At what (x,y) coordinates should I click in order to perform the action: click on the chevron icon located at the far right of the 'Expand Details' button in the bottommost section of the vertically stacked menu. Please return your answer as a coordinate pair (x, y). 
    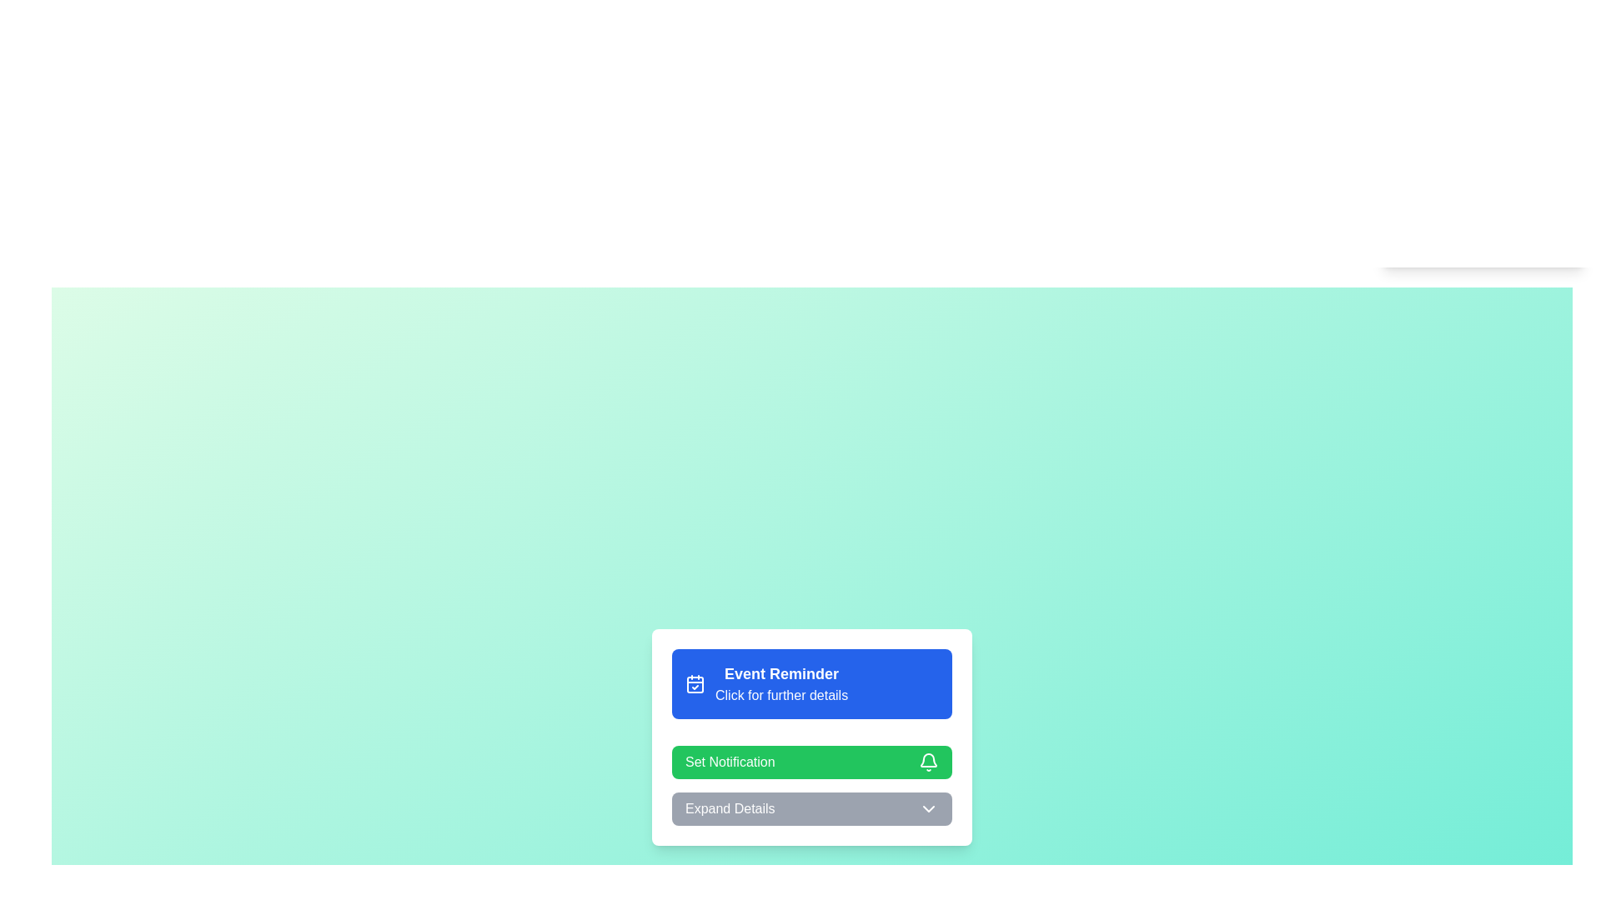
    Looking at the image, I should click on (927, 808).